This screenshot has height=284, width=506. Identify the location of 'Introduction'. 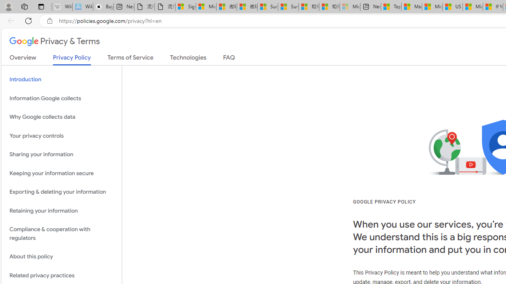
(61, 79).